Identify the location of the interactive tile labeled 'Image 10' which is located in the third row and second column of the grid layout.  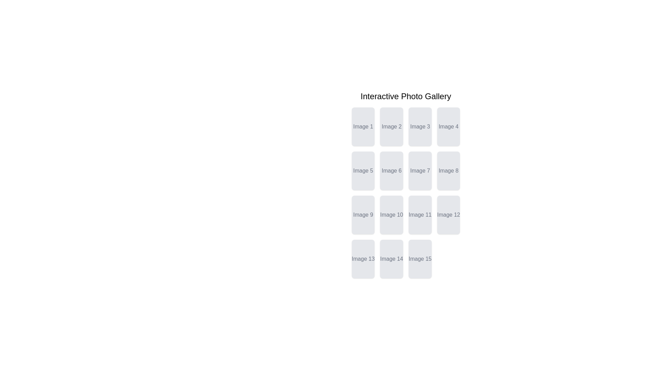
(391, 215).